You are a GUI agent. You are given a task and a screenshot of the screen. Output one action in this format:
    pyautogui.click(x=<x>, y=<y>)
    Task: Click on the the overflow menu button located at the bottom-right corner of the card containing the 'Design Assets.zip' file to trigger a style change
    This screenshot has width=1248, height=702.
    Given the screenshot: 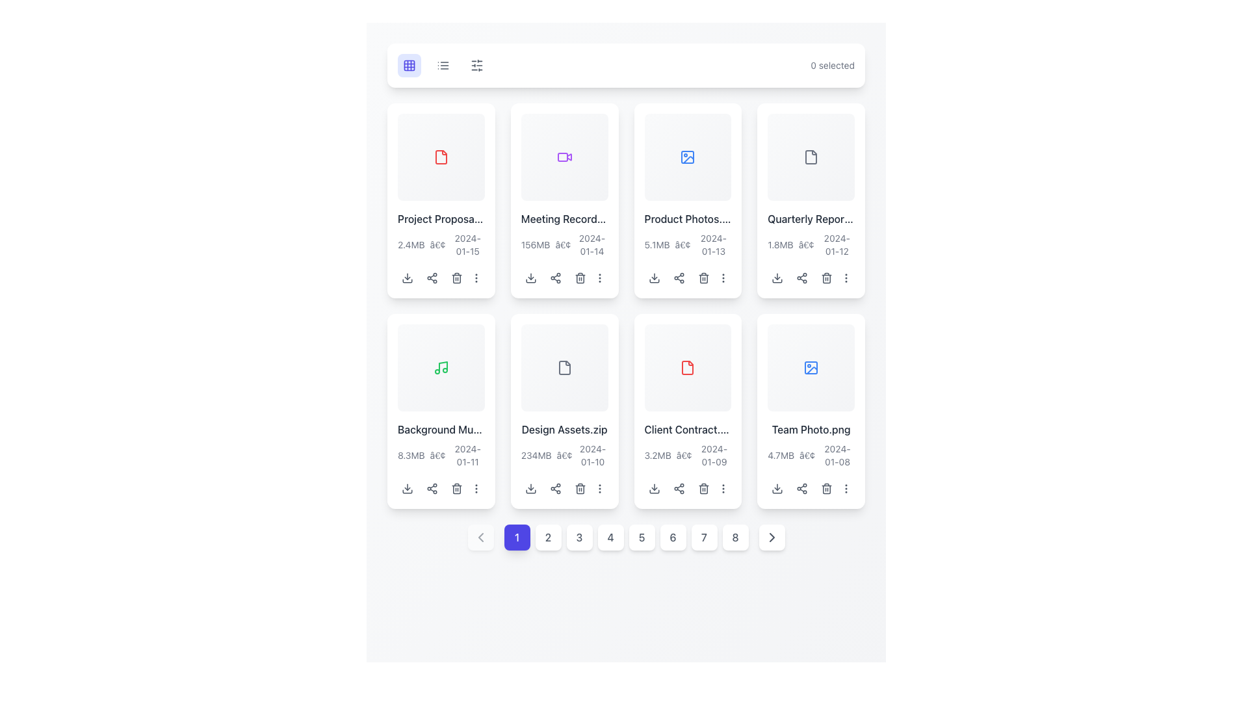 What is the action you would take?
    pyautogui.click(x=599, y=488)
    